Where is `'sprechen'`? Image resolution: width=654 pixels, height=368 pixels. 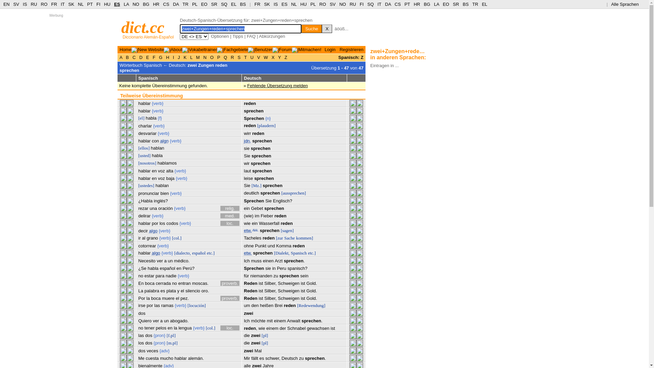
'sprechen' is located at coordinates (260, 148).